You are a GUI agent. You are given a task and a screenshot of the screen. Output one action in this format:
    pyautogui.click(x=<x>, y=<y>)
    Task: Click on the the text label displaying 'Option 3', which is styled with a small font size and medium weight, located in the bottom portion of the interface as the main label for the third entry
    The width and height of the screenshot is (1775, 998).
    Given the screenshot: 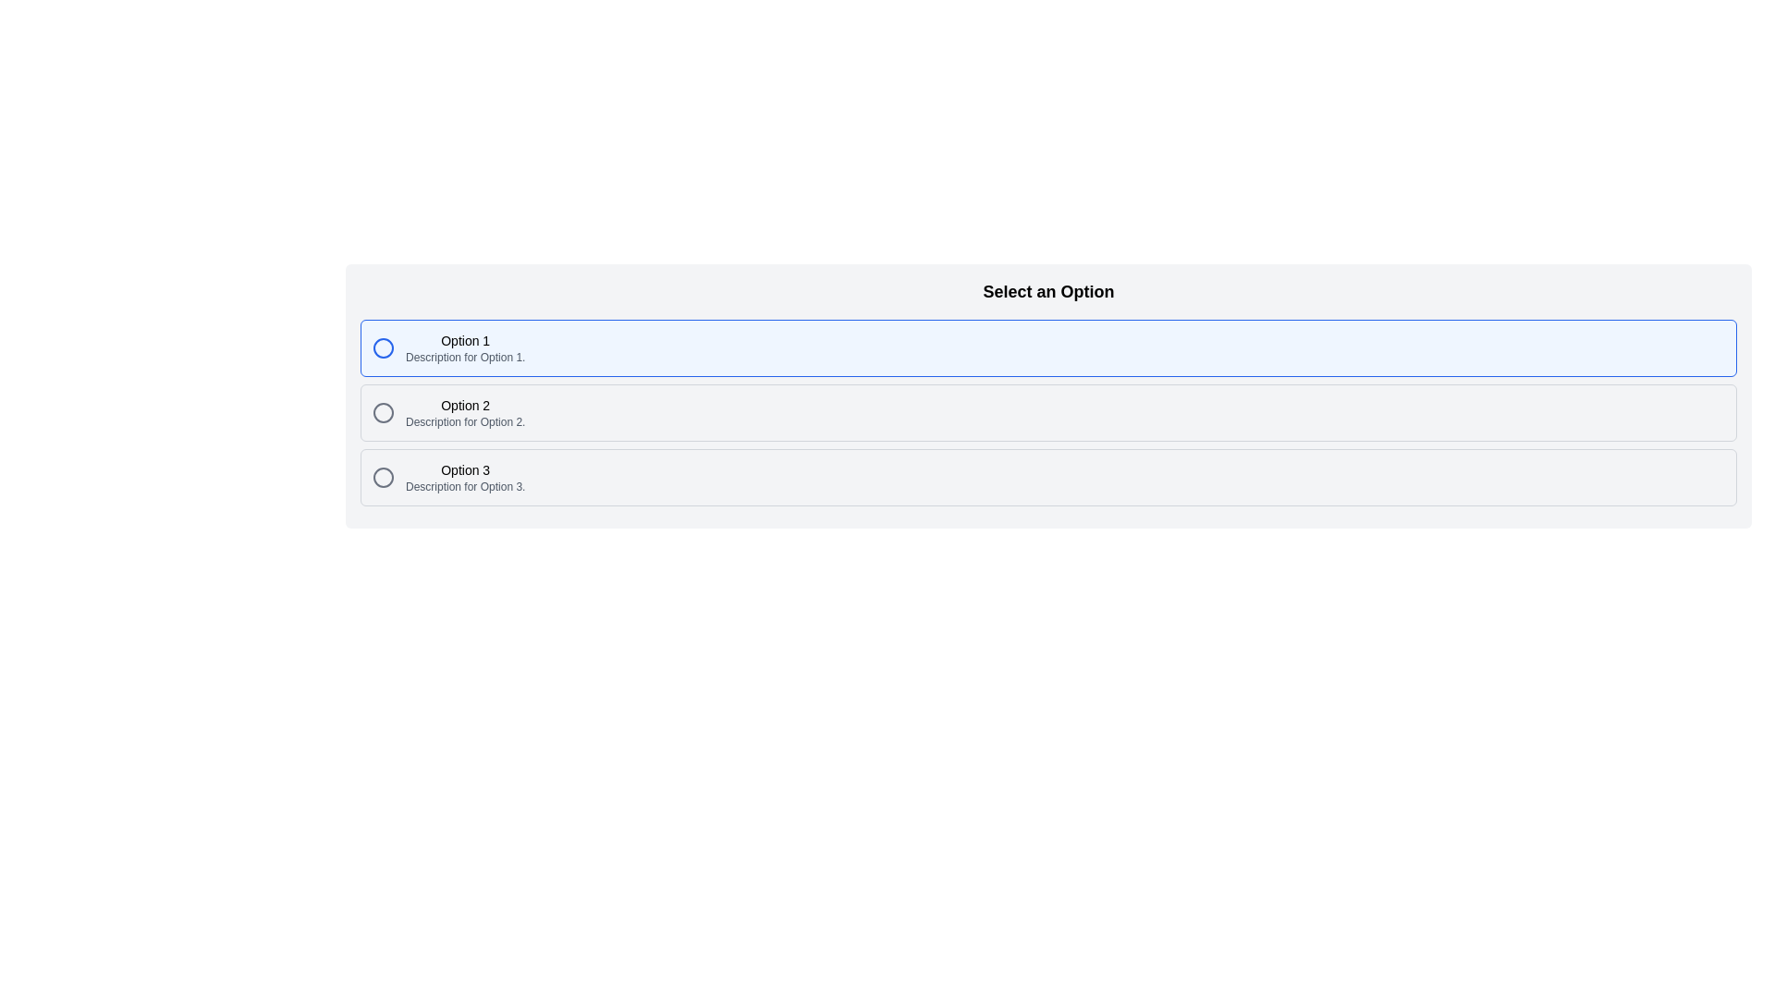 What is the action you would take?
    pyautogui.click(x=465, y=469)
    